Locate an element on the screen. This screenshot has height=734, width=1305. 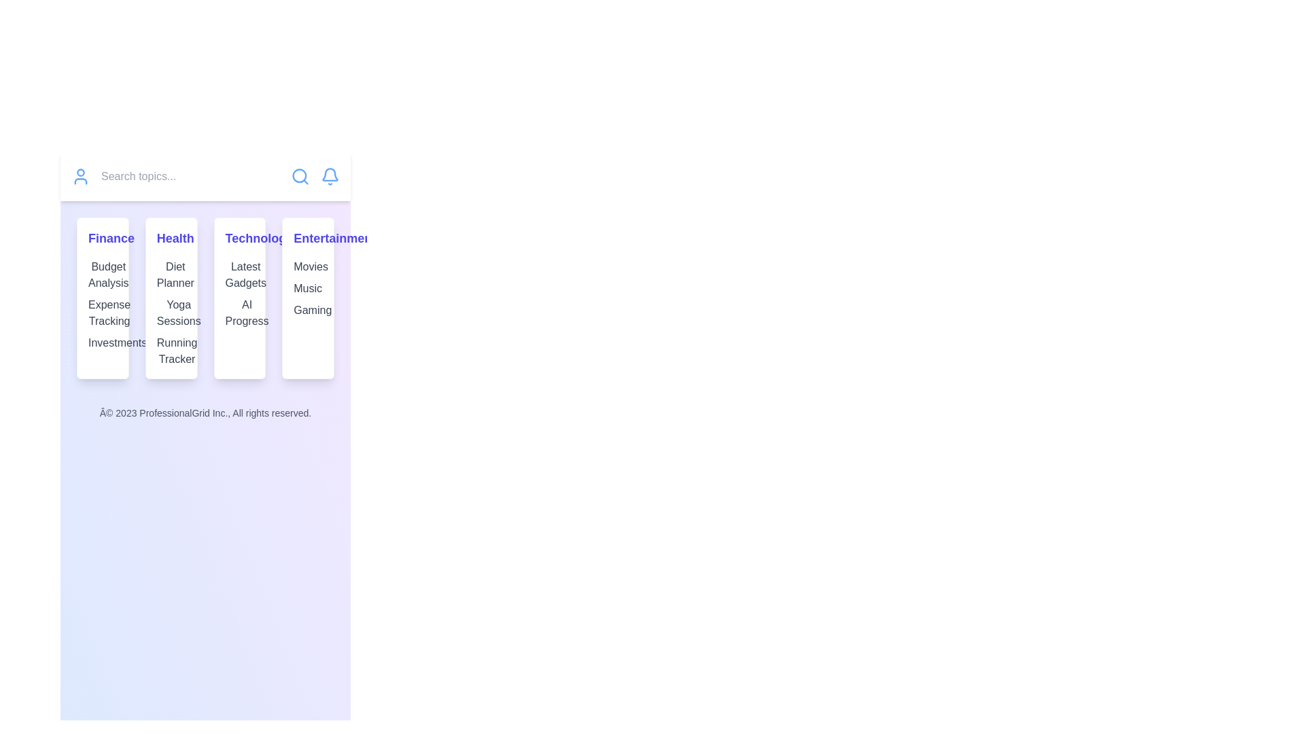
the section card in the grid layout is located at coordinates (205, 298).